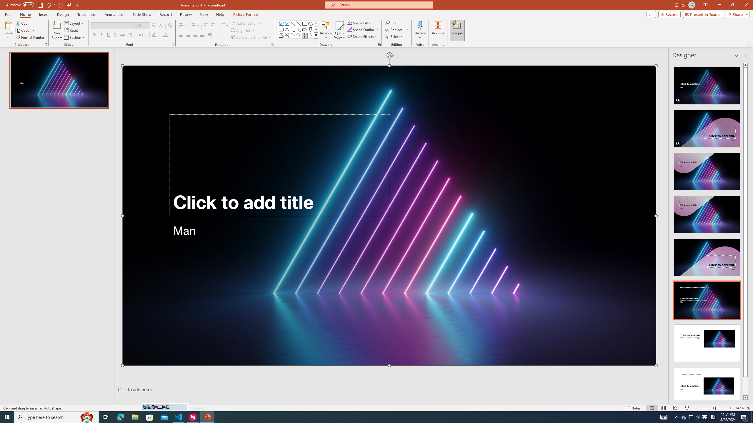  Describe the element at coordinates (707, 127) in the screenshot. I see `'Design Idea with Animation'` at that location.